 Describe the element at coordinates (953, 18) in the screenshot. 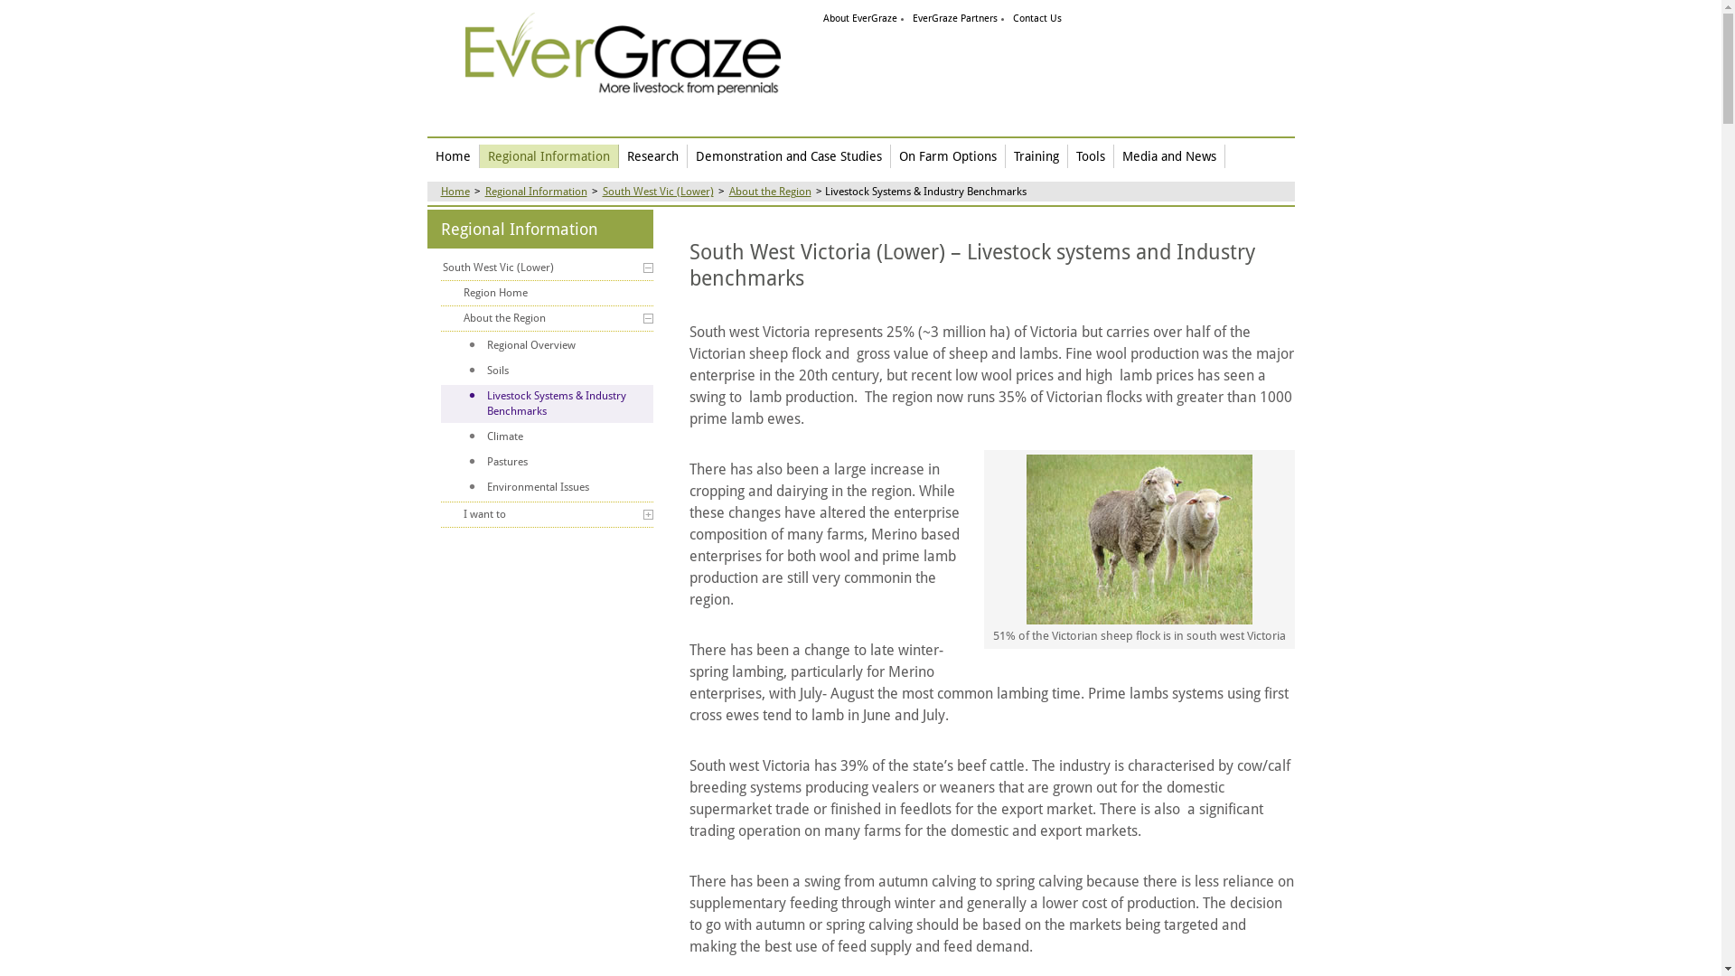

I see `'EverGraze Partners'` at that location.